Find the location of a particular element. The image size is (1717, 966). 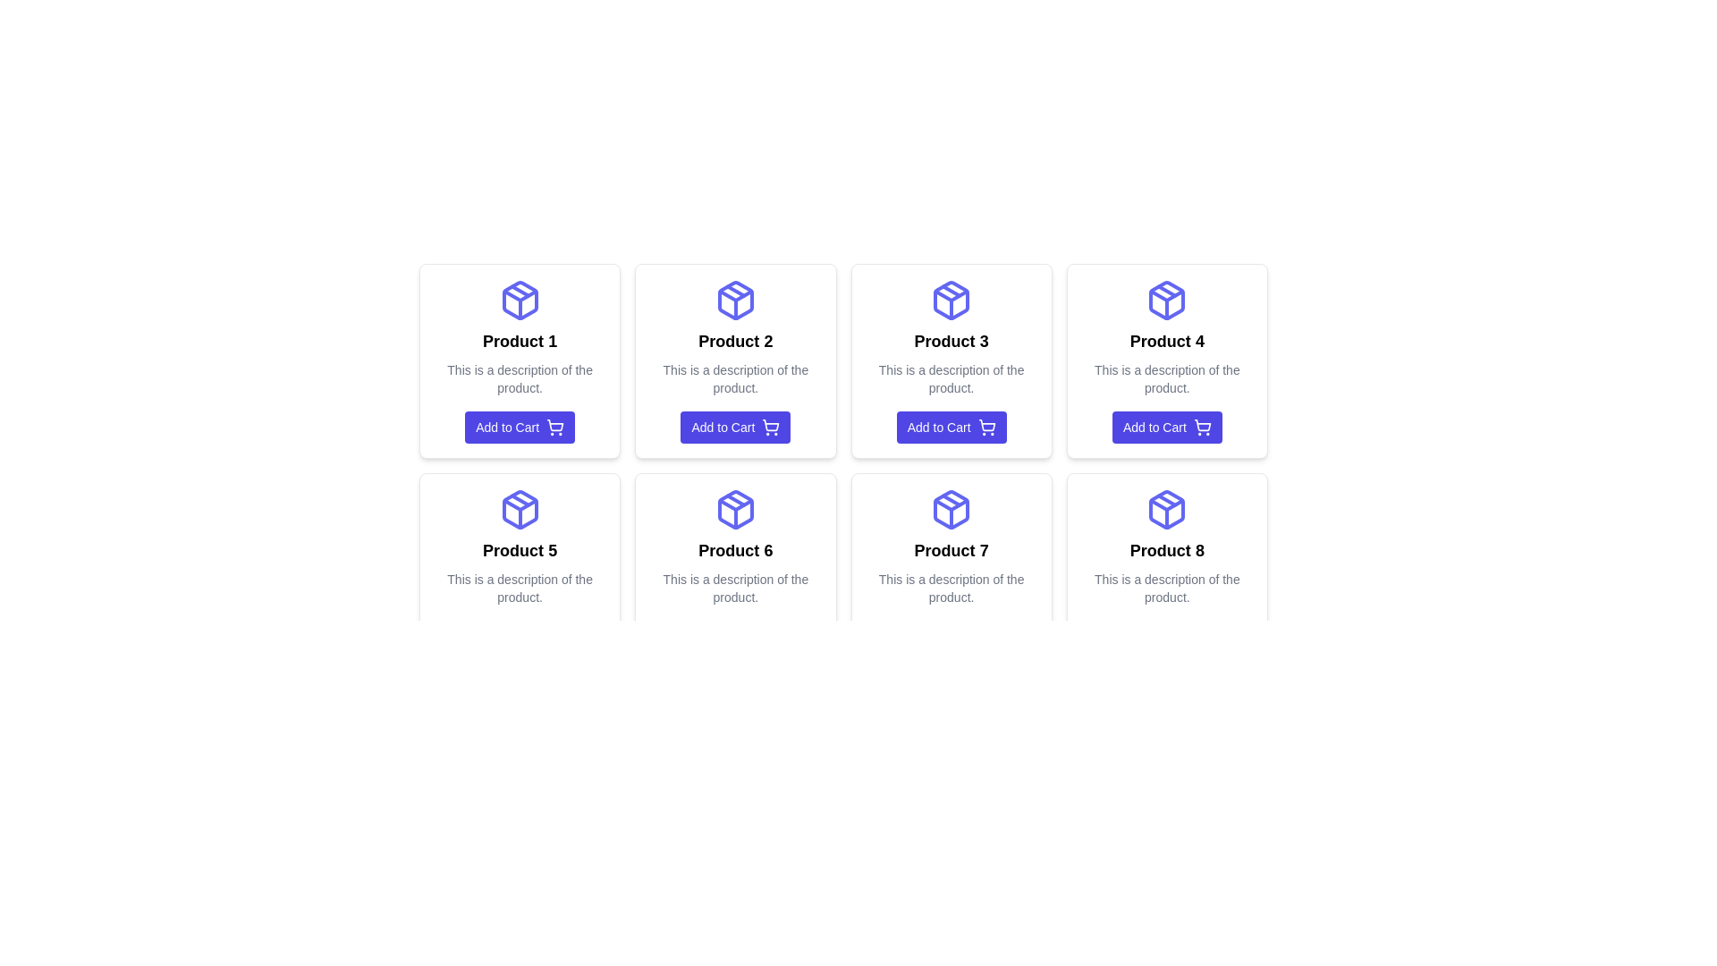

the text element displaying 'This is a description of the product.' which is styled with gray text, located below the title 'Product 7' and above the 'Add to Cart' button in the product card layout is located at coordinates (951, 589).